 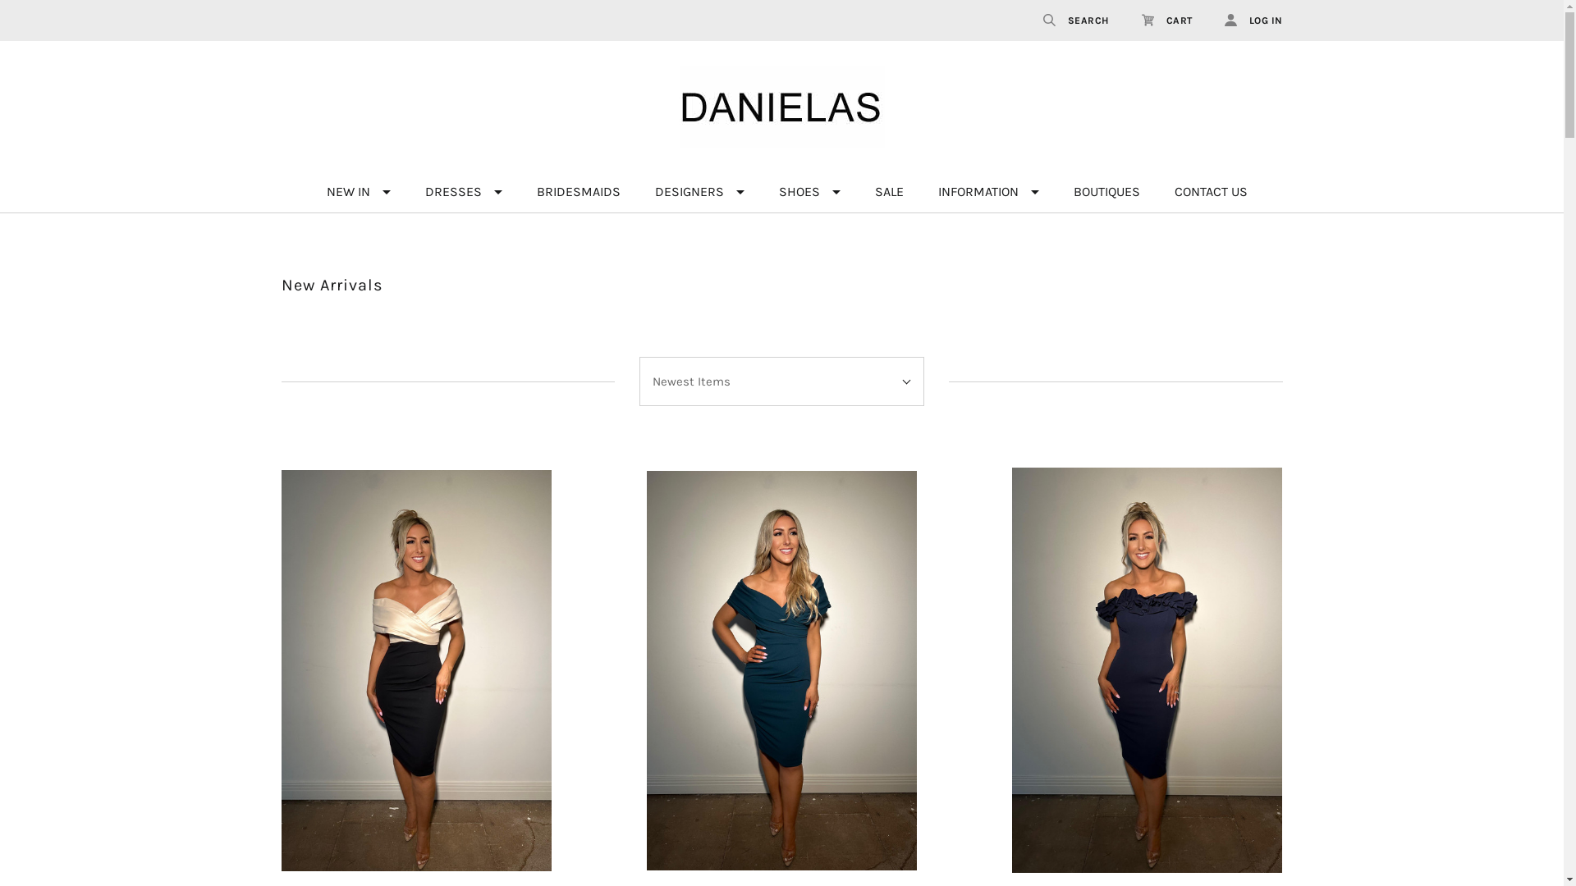 I want to click on 'BOUTIQUES', so click(x=1060, y=191).